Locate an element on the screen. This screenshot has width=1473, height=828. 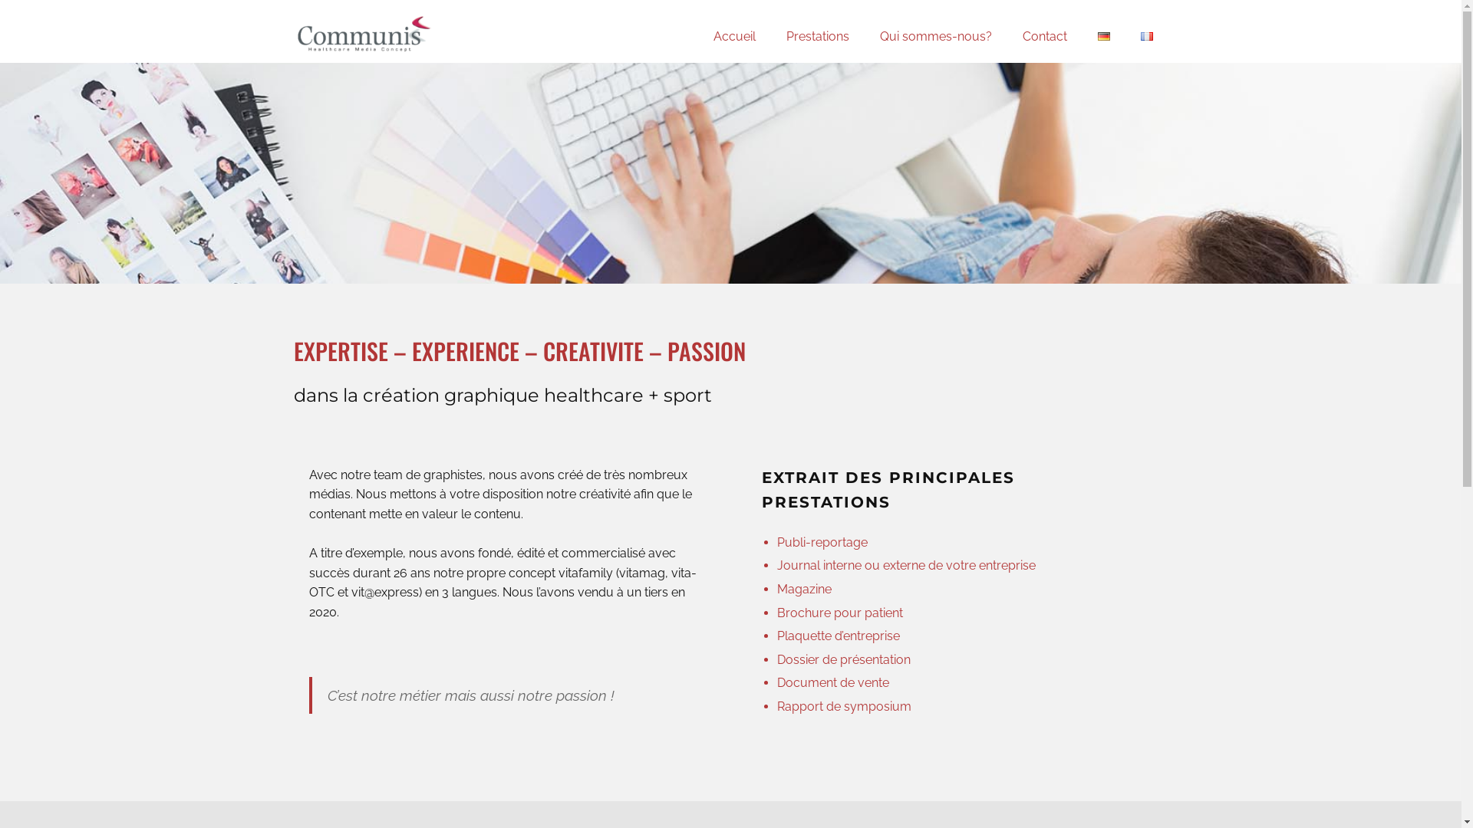
'Contact' is located at coordinates (1043, 35).